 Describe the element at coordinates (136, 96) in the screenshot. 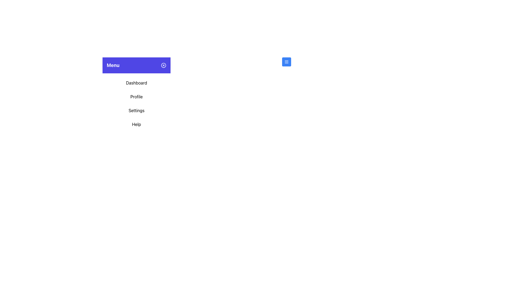

I see `the 'Profile' button, which is the second item in the vertical menu list, styled with a clean sans-serif font and a hover state that changes the background color to light indigo` at that location.